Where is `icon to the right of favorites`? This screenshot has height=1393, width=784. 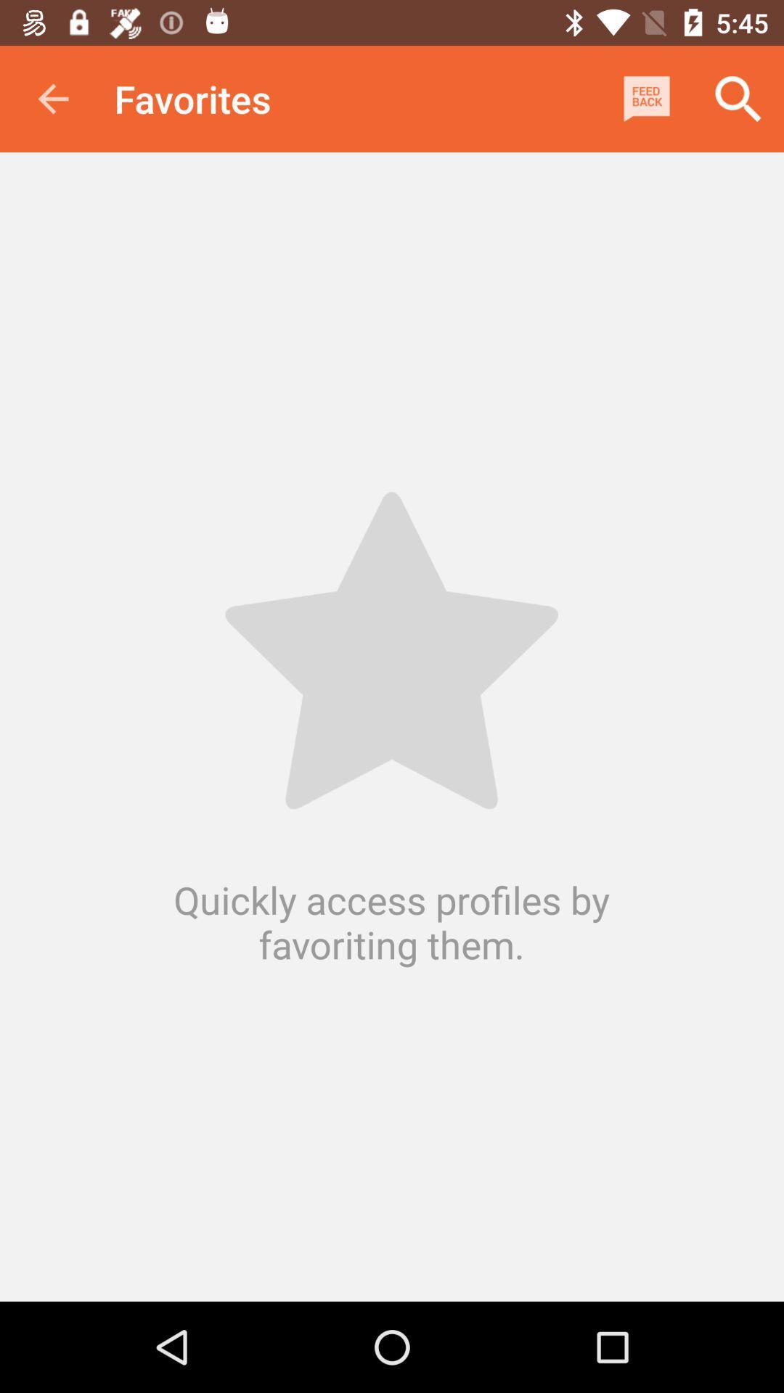 icon to the right of favorites is located at coordinates (646, 98).